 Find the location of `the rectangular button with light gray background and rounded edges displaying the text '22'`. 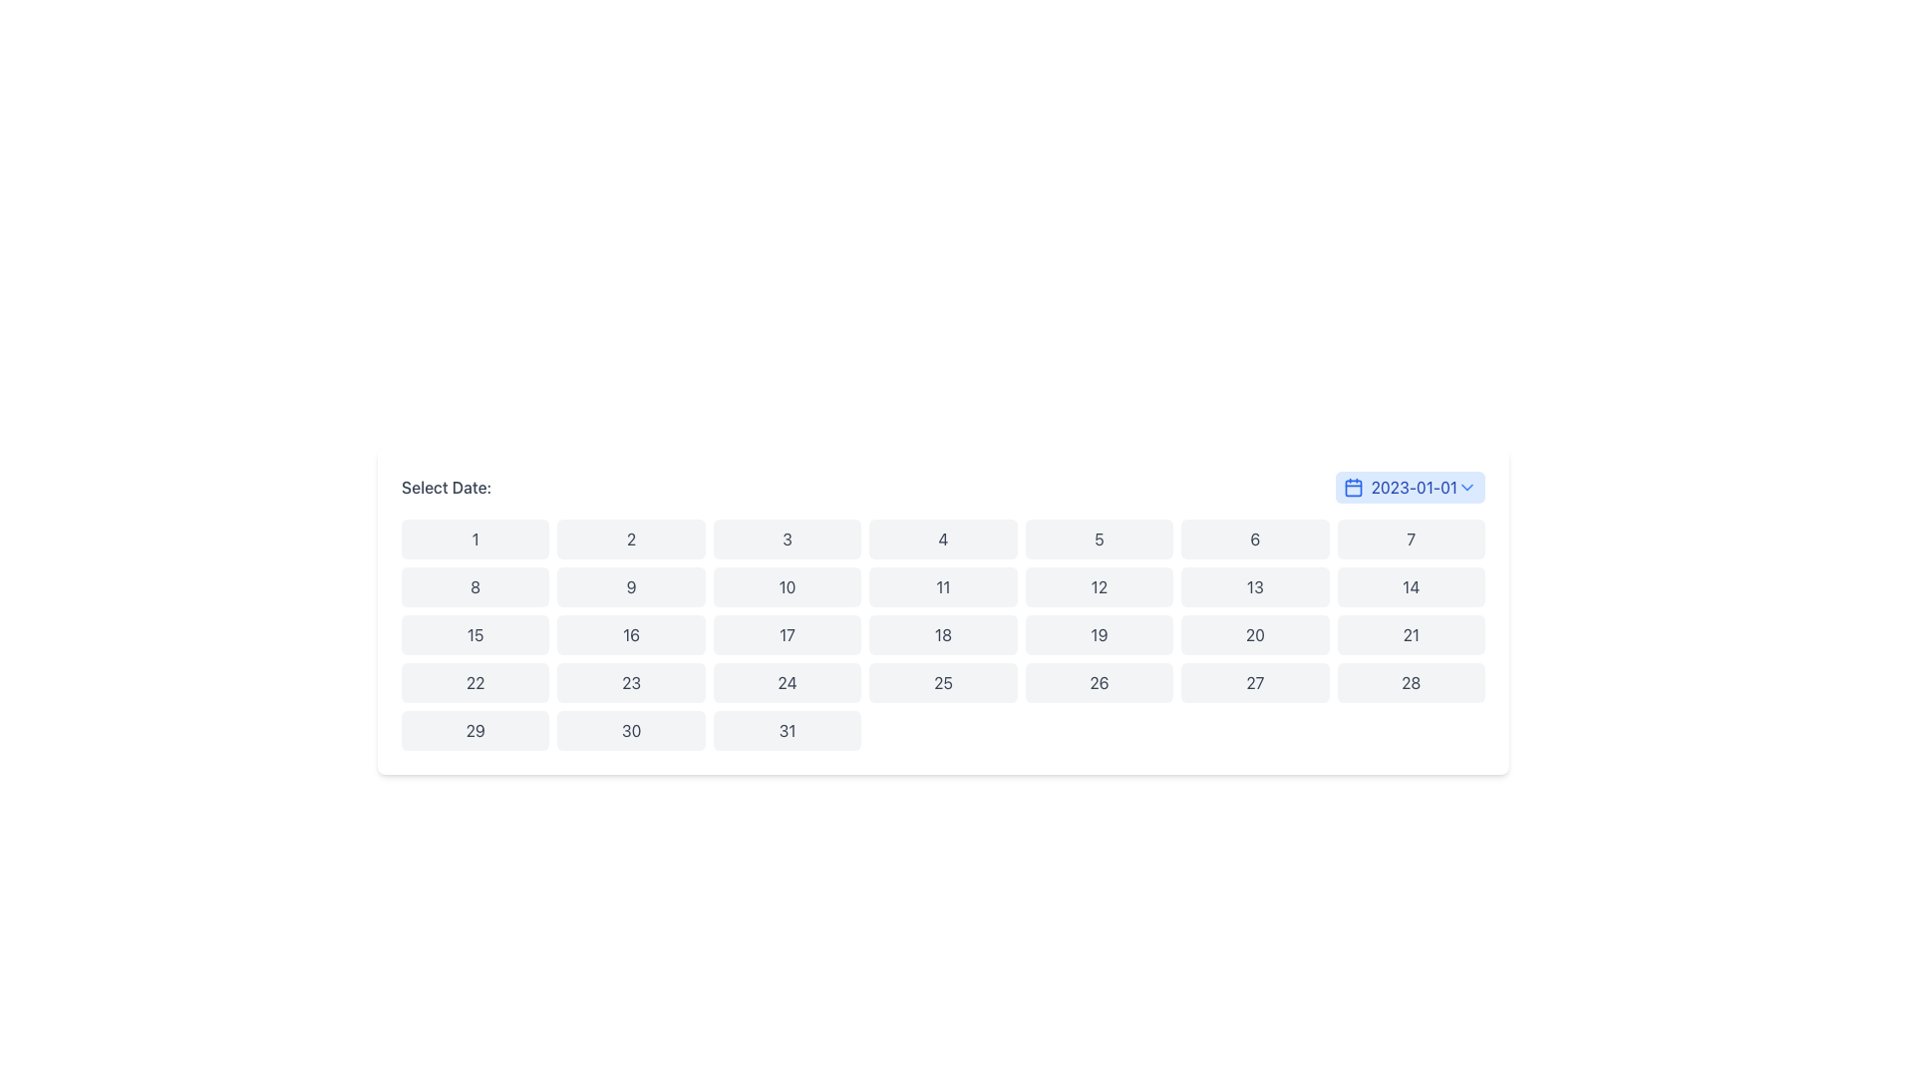

the rectangular button with light gray background and rounded edges displaying the text '22' is located at coordinates (475, 682).